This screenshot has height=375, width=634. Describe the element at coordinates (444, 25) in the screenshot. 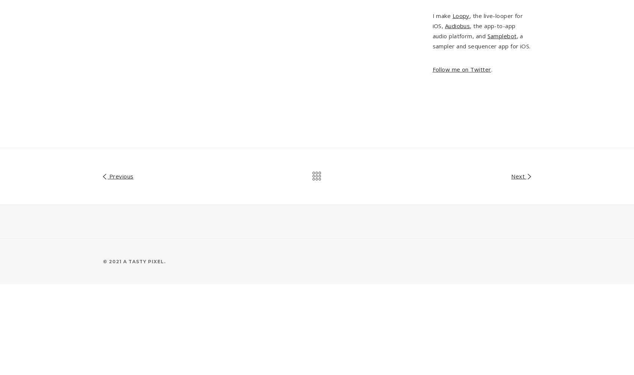

I see `'Audiobus'` at that location.